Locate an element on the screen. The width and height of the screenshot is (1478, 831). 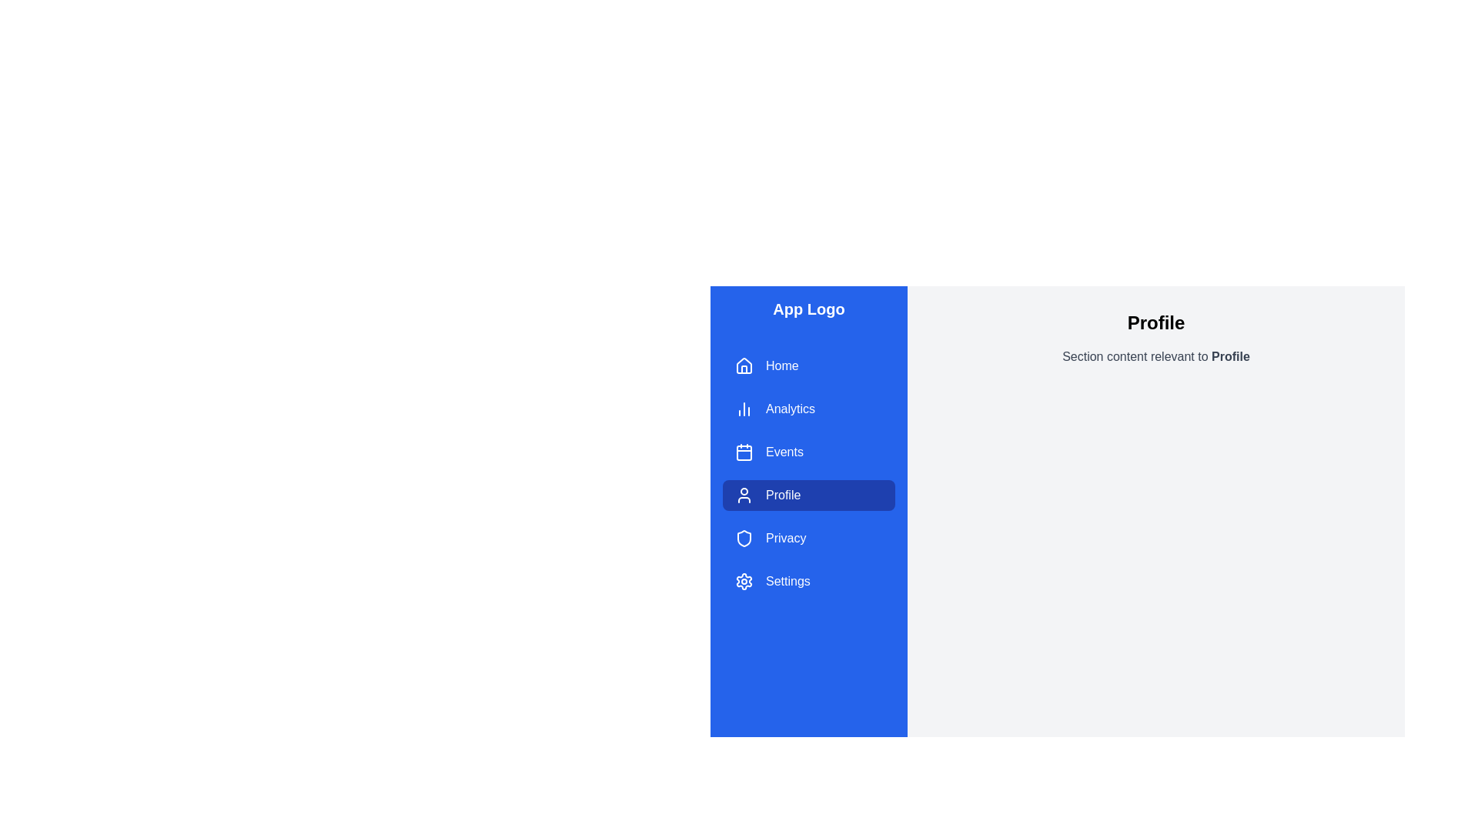
the static text element displaying the word 'Profile' in bold within the sentence 'Section content relevant to Profile.' is located at coordinates (1229, 356).